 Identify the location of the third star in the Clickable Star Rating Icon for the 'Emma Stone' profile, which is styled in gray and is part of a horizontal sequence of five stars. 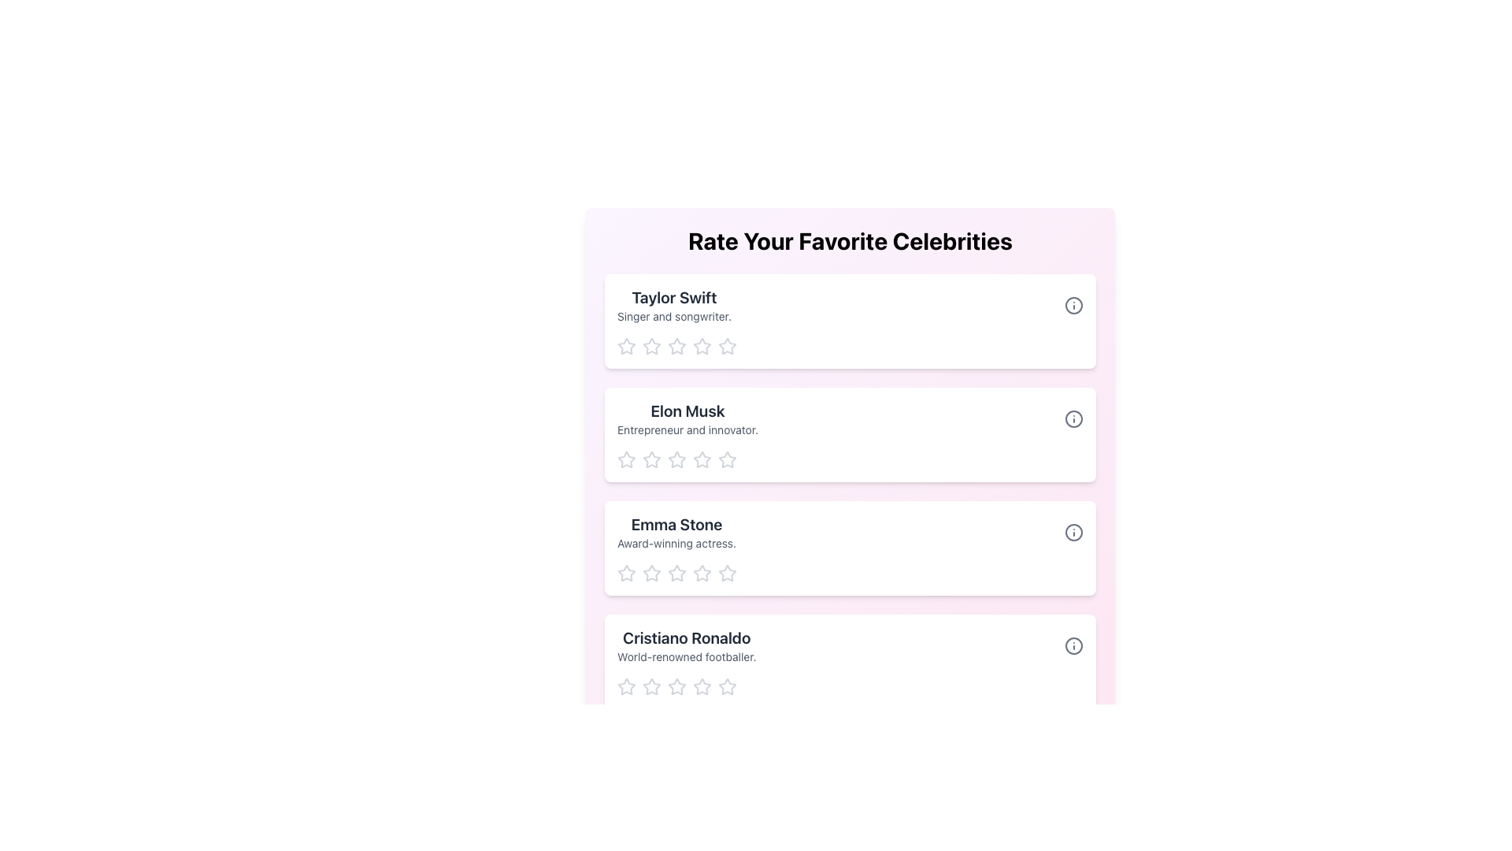
(676, 574).